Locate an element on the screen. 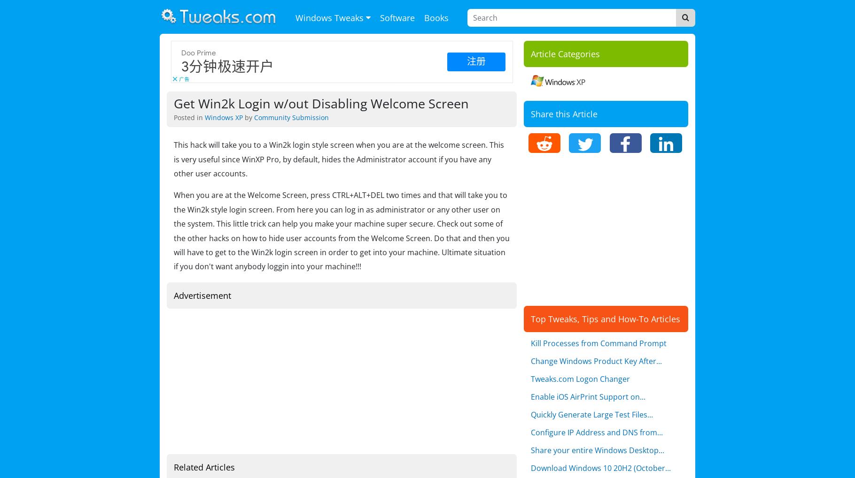 The image size is (855, 478). 'Kill Processes from Command Prompt' is located at coordinates (598, 343).